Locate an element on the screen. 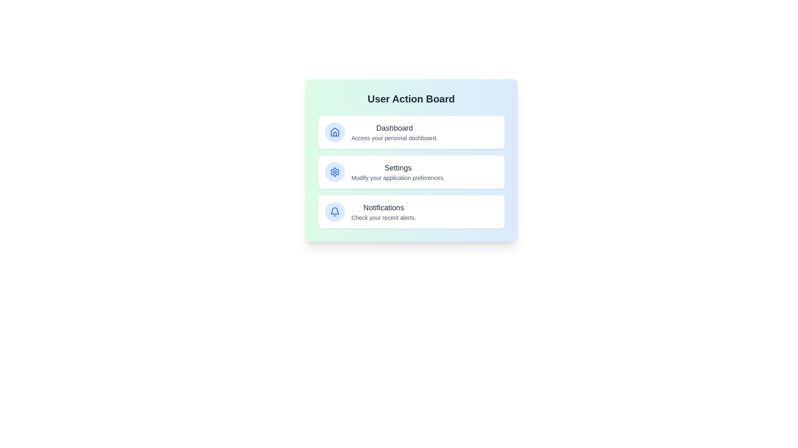 The width and height of the screenshot is (798, 448). the icon corresponding to Dashboard in the User Action Board is located at coordinates (335, 132).